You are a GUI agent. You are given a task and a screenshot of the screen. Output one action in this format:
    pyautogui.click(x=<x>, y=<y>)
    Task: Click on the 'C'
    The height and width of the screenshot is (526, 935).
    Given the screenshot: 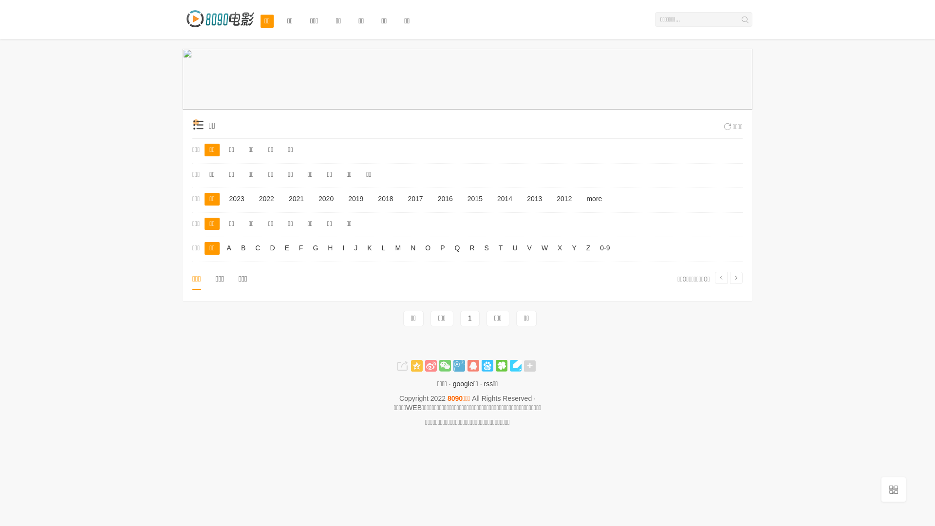 What is the action you would take?
    pyautogui.click(x=257, y=247)
    